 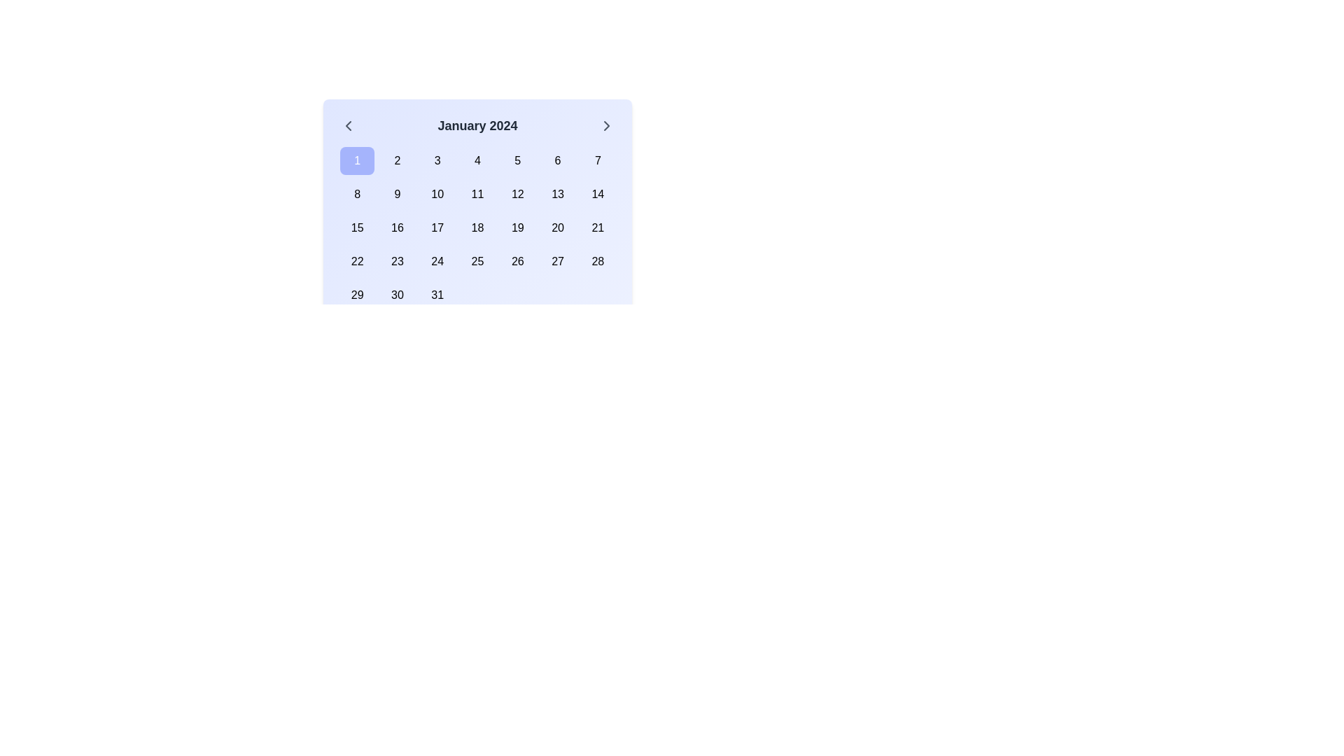 I want to click on the 'previous month' button located at the far left of the calendar header, so click(x=349, y=126).